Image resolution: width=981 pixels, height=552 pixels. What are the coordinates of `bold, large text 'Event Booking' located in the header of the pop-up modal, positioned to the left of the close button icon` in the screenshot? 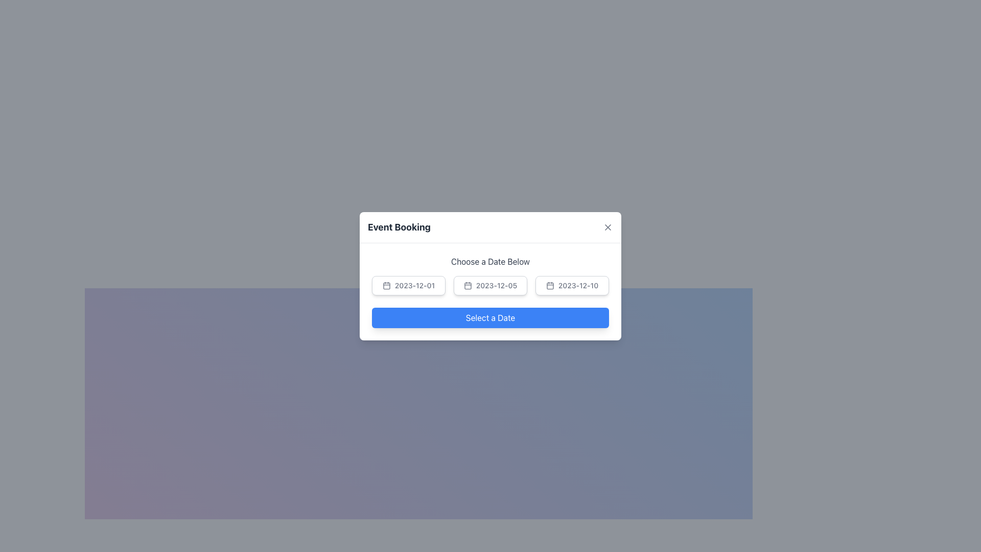 It's located at (399, 226).